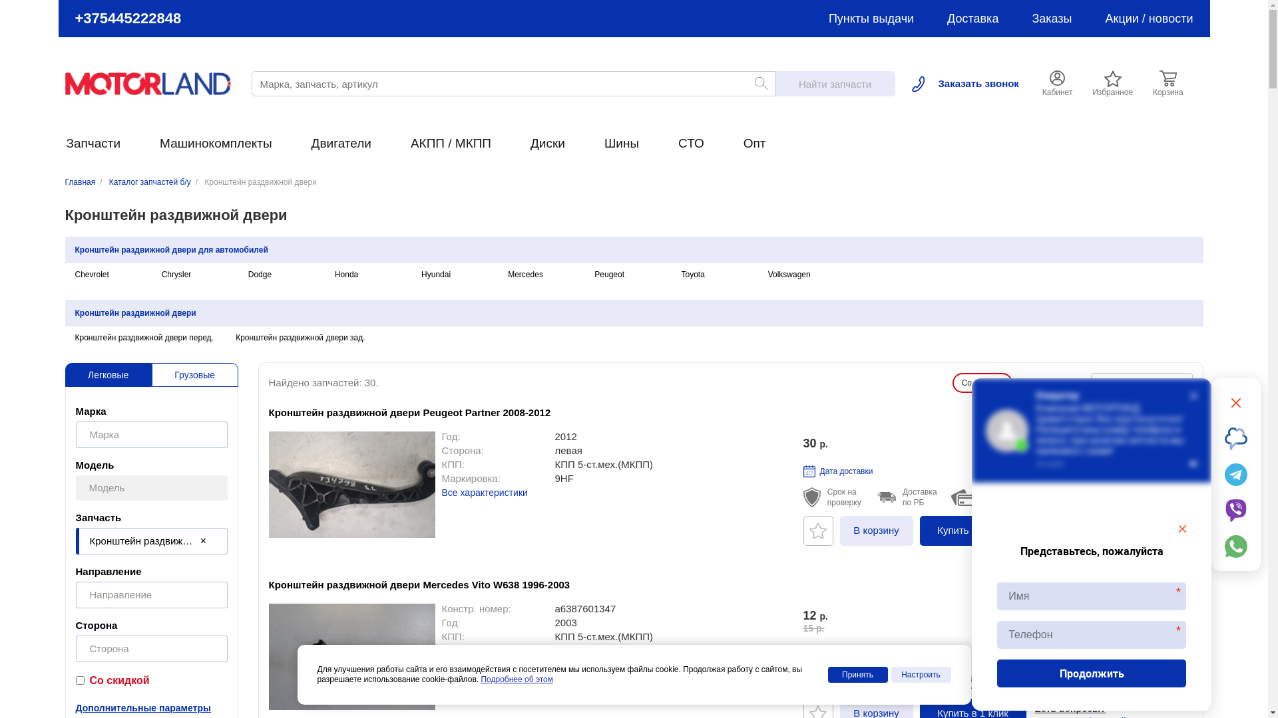 This screenshot has height=718, width=1278. I want to click on 'Honda', so click(346, 273).